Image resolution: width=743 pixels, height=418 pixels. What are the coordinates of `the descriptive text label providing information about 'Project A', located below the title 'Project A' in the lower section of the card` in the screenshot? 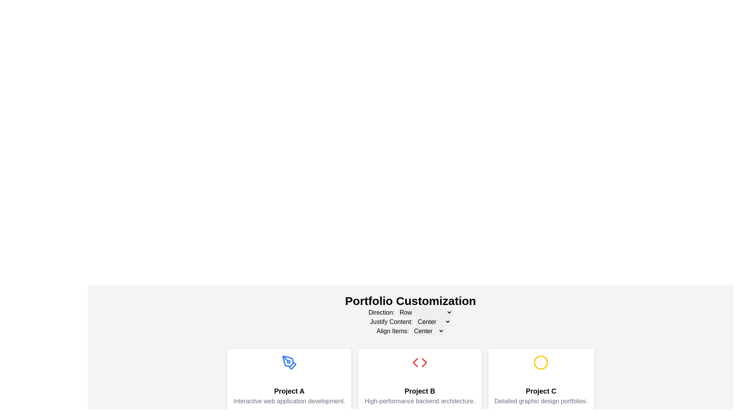 It's located at (289, 401).